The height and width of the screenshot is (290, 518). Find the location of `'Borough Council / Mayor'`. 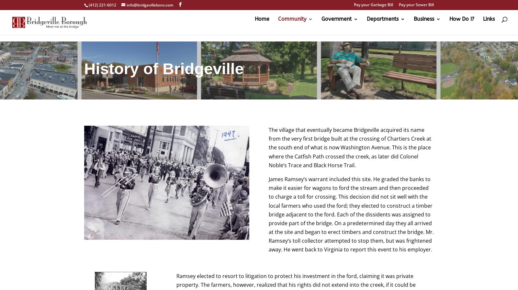

'Borough Council / Mayor' is located at coordinates (356, 82).